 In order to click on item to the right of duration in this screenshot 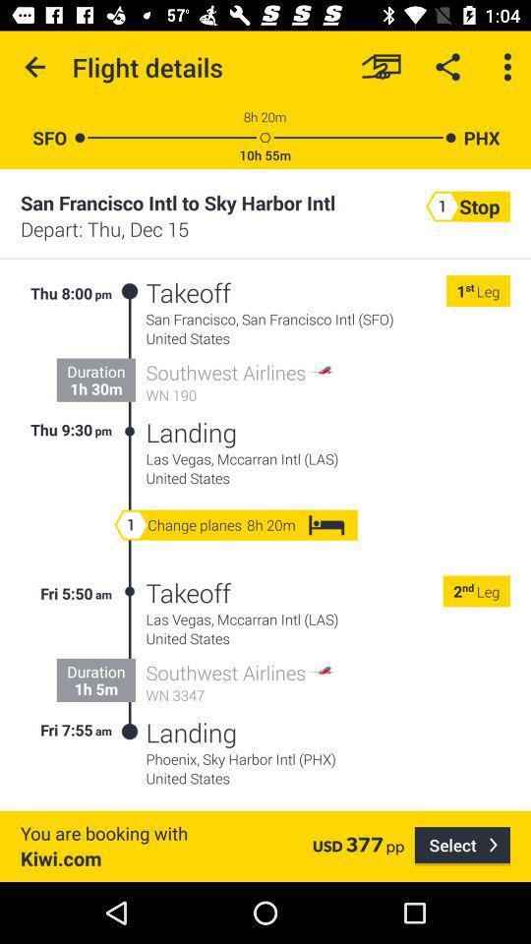, I will do `click(130, 361)`.